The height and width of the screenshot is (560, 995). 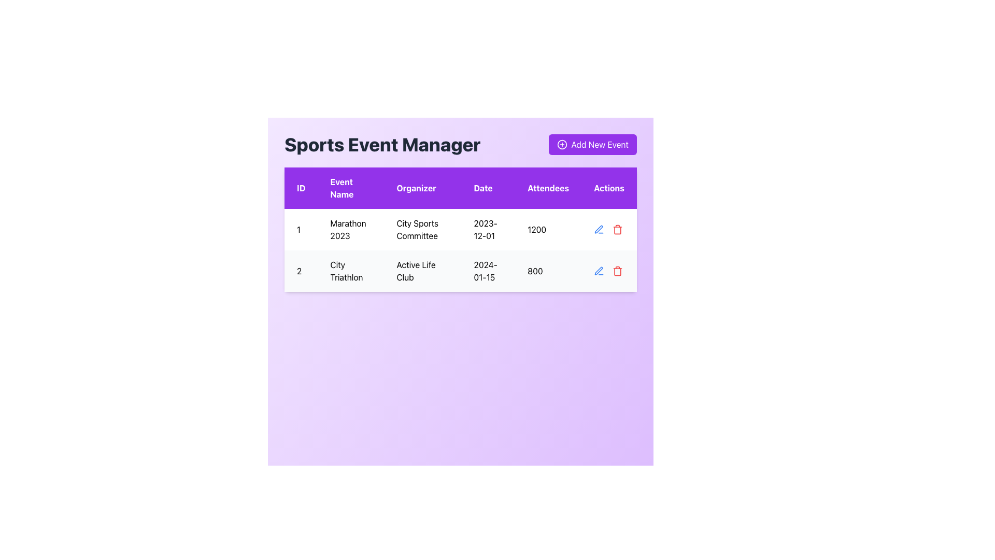 What do you see at coordinates (460, 144) in the screenshot?
I see `the 'Sports Event Manager' title in the Header section` at bounding box center [460, 144].